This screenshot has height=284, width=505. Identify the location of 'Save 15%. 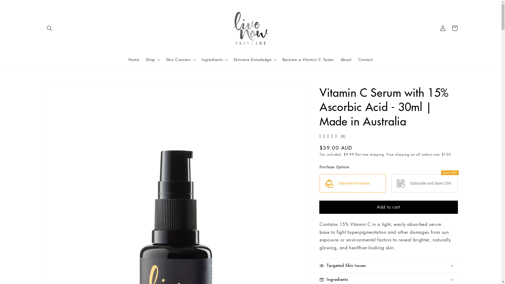
(391, 183).